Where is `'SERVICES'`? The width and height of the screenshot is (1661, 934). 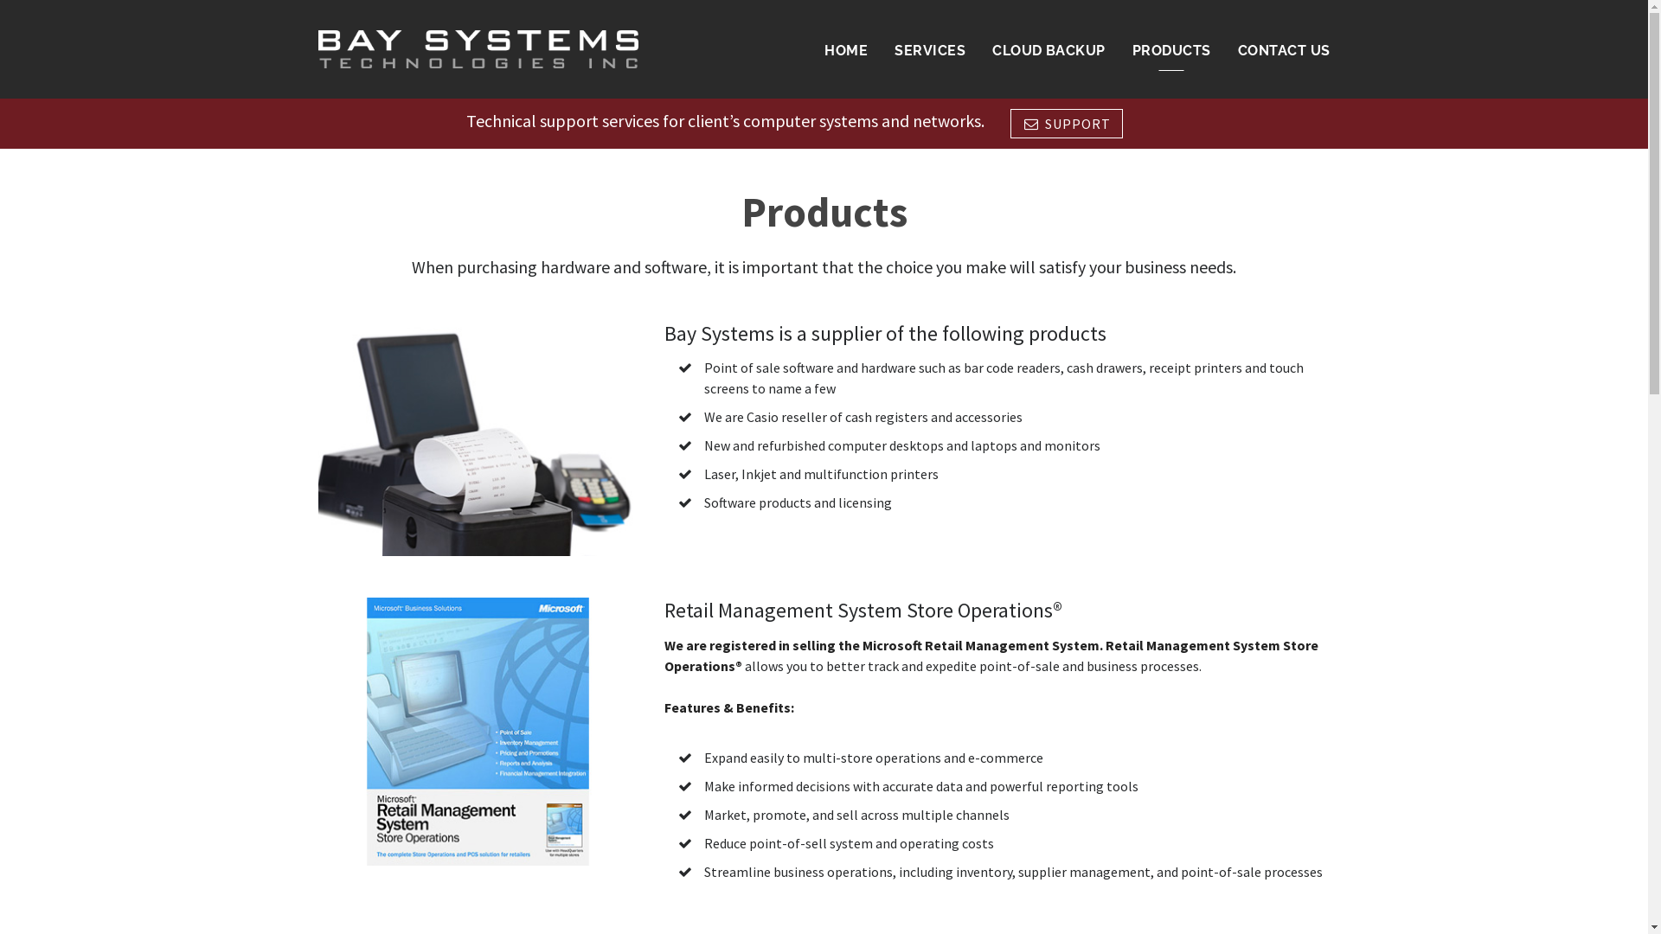 'SERVICES' is located at coordinates (929, 49).